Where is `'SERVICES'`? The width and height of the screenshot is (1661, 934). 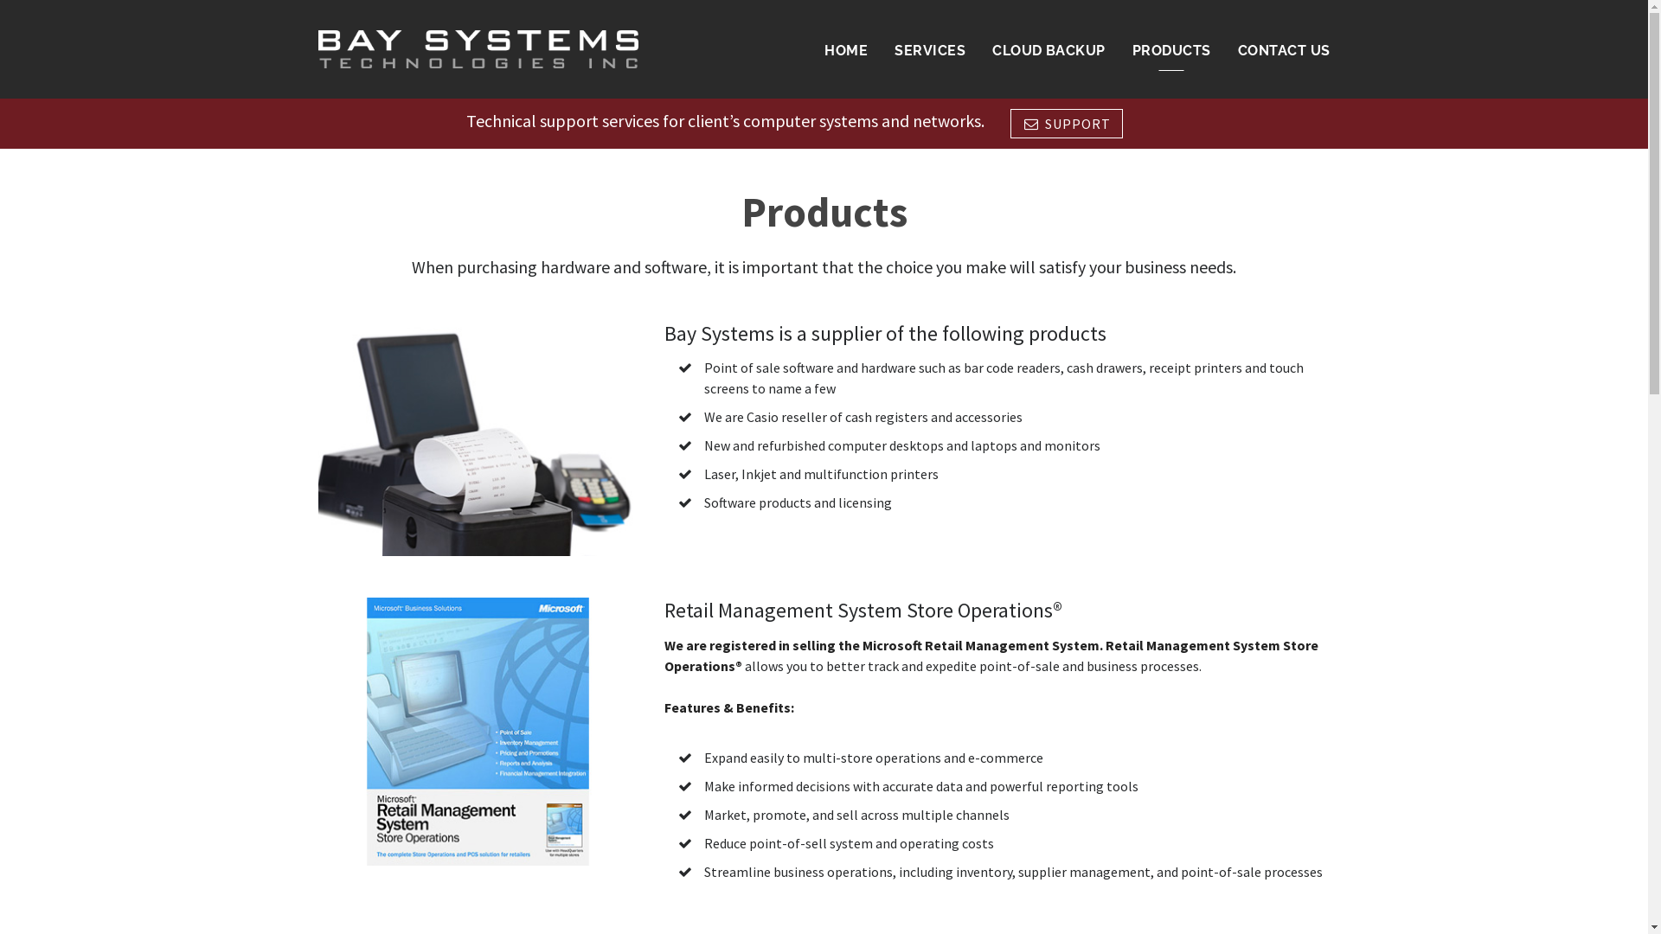 'SERVICES' is located at coordinates (929, 49).